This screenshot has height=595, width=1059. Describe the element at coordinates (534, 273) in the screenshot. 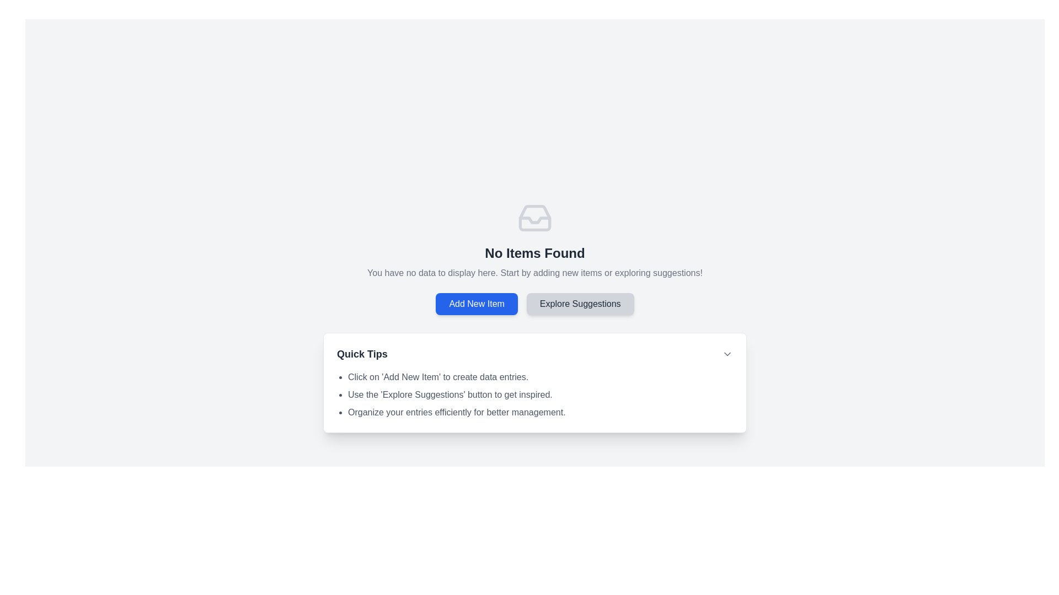

I see `the descriptive text element located directly below the 'No Items Found' message, which provides guidance for adding or exploring new data` at that location.